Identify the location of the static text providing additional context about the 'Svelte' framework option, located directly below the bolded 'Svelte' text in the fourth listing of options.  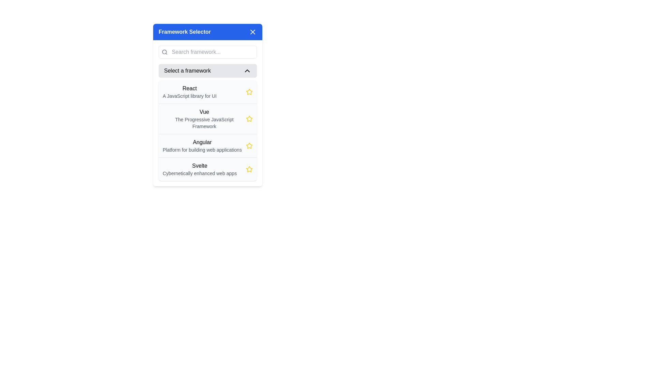
(199, 173).